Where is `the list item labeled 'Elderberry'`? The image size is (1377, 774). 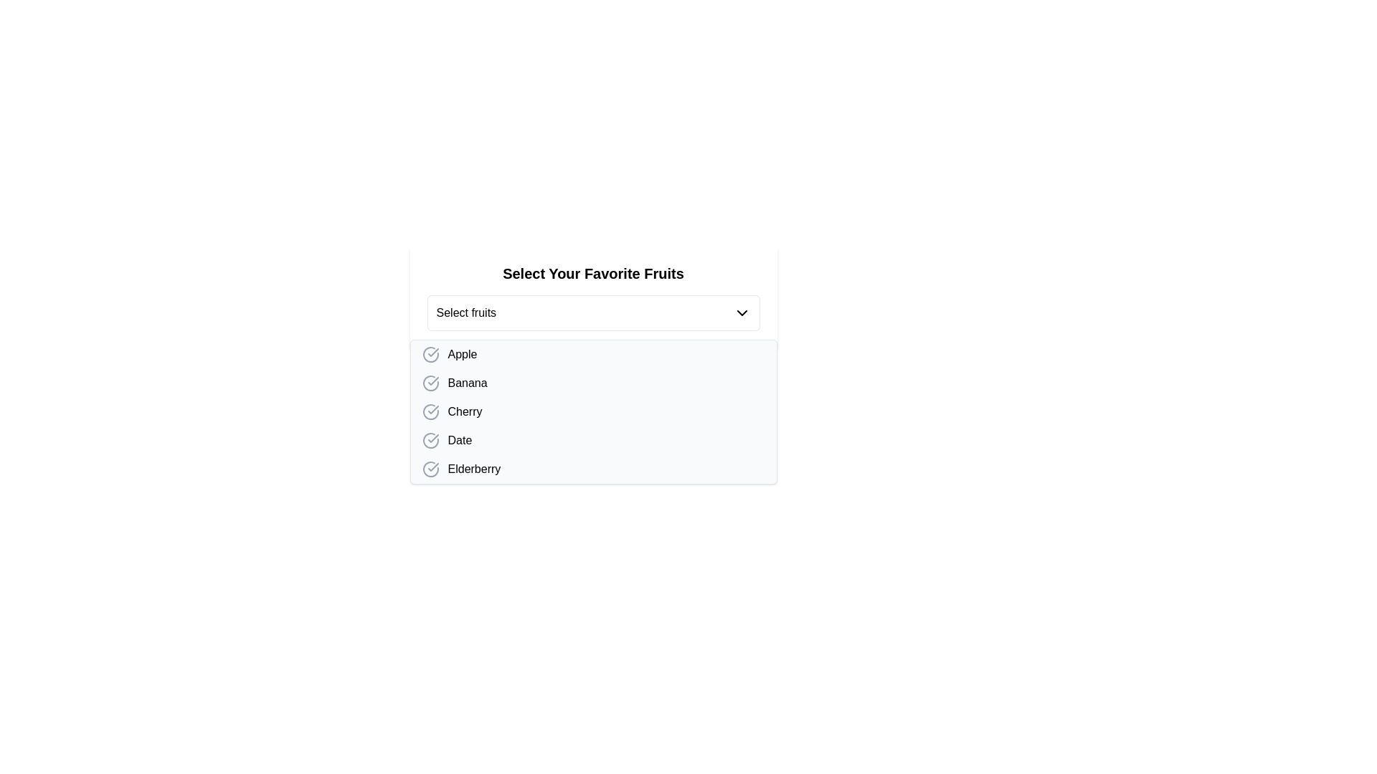
the list item labeled 'Elderberry' is located at coordinates (593, 469).